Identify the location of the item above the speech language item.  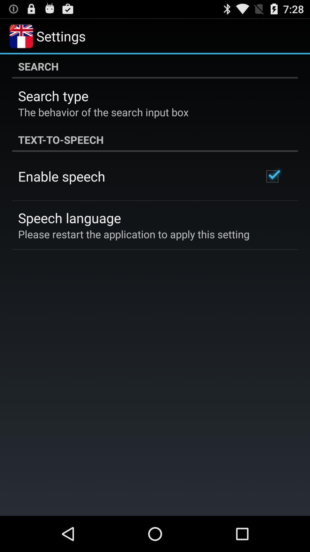
(61, 176).